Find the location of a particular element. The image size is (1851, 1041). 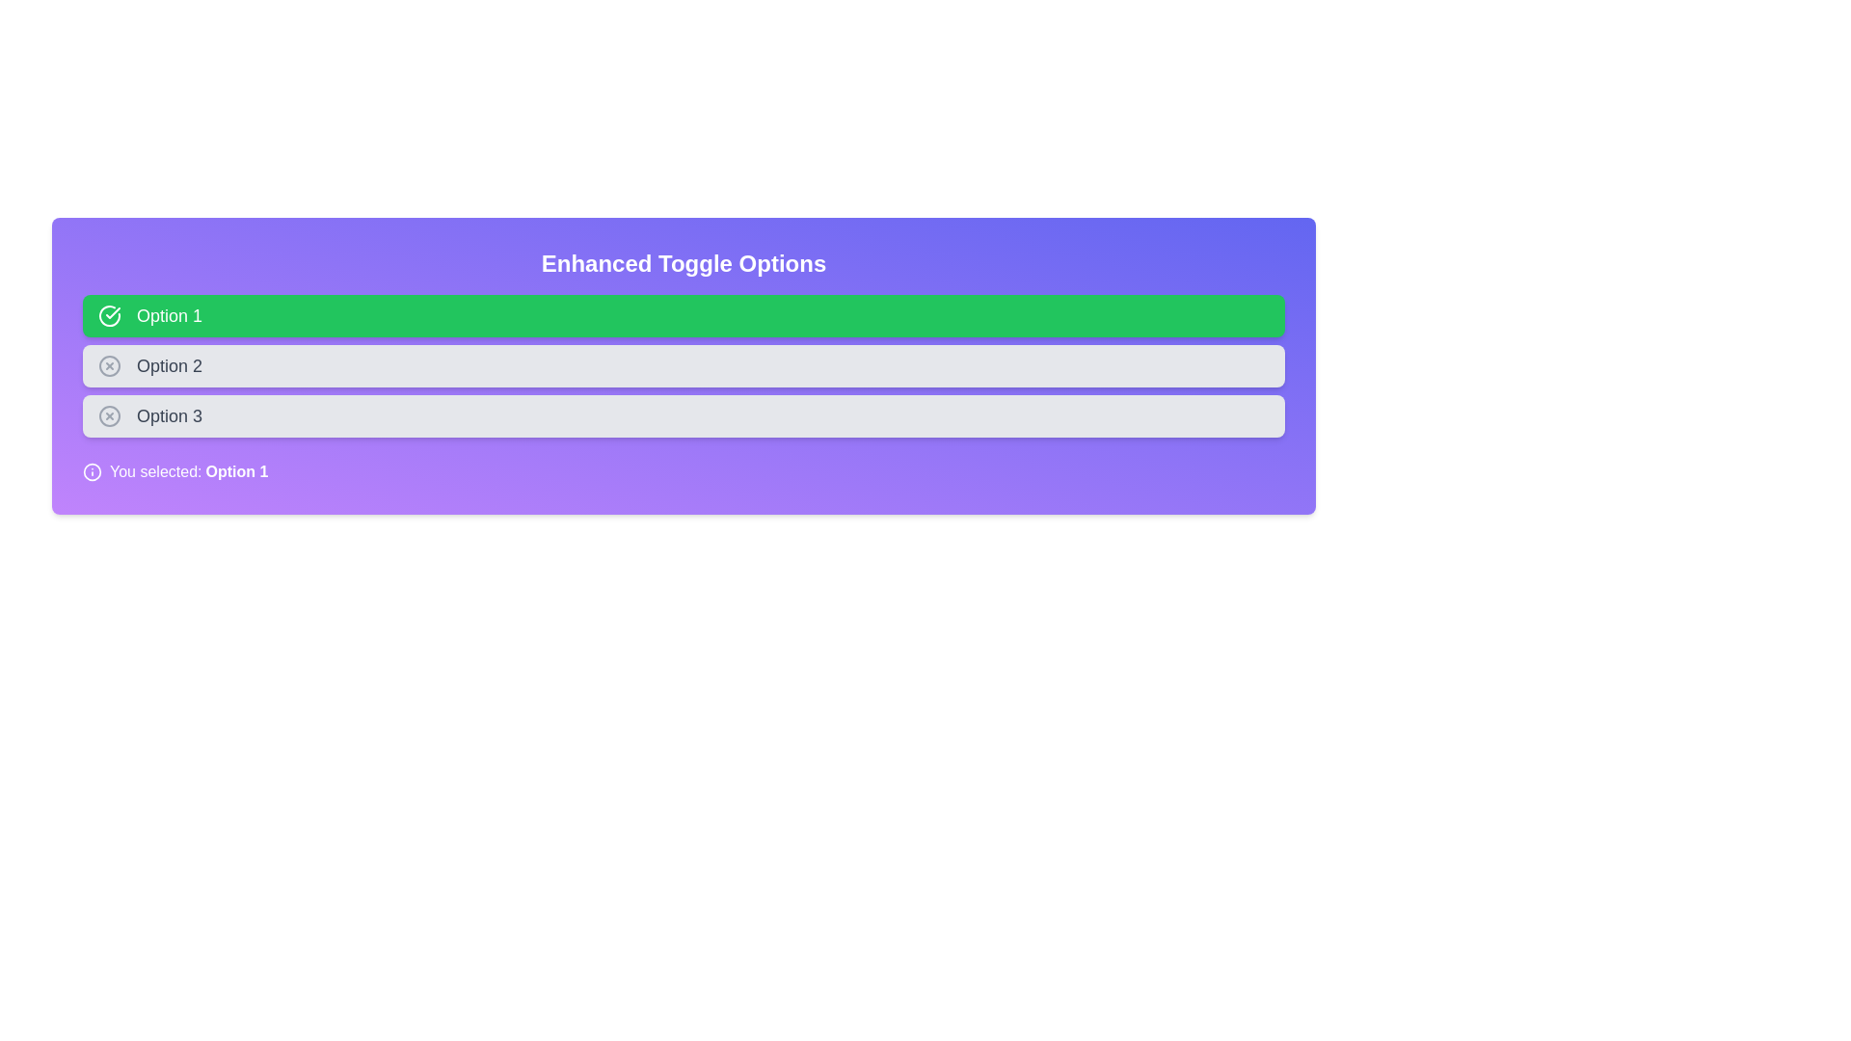

the toggle option Option 2 is located at coordinates (684, 366).